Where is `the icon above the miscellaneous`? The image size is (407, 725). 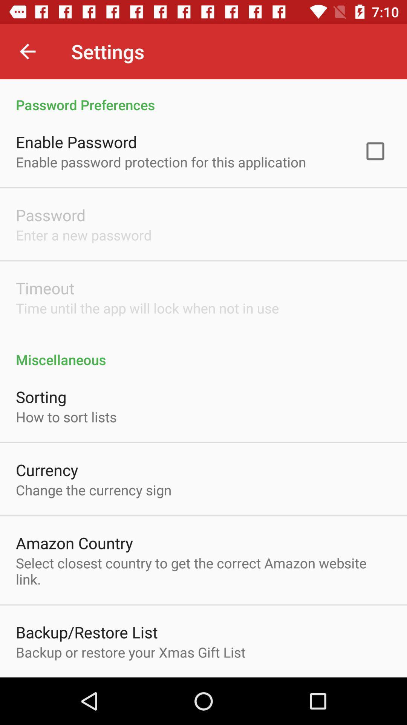 the icon above the miscellaneous is located at coordinates (375, 151).